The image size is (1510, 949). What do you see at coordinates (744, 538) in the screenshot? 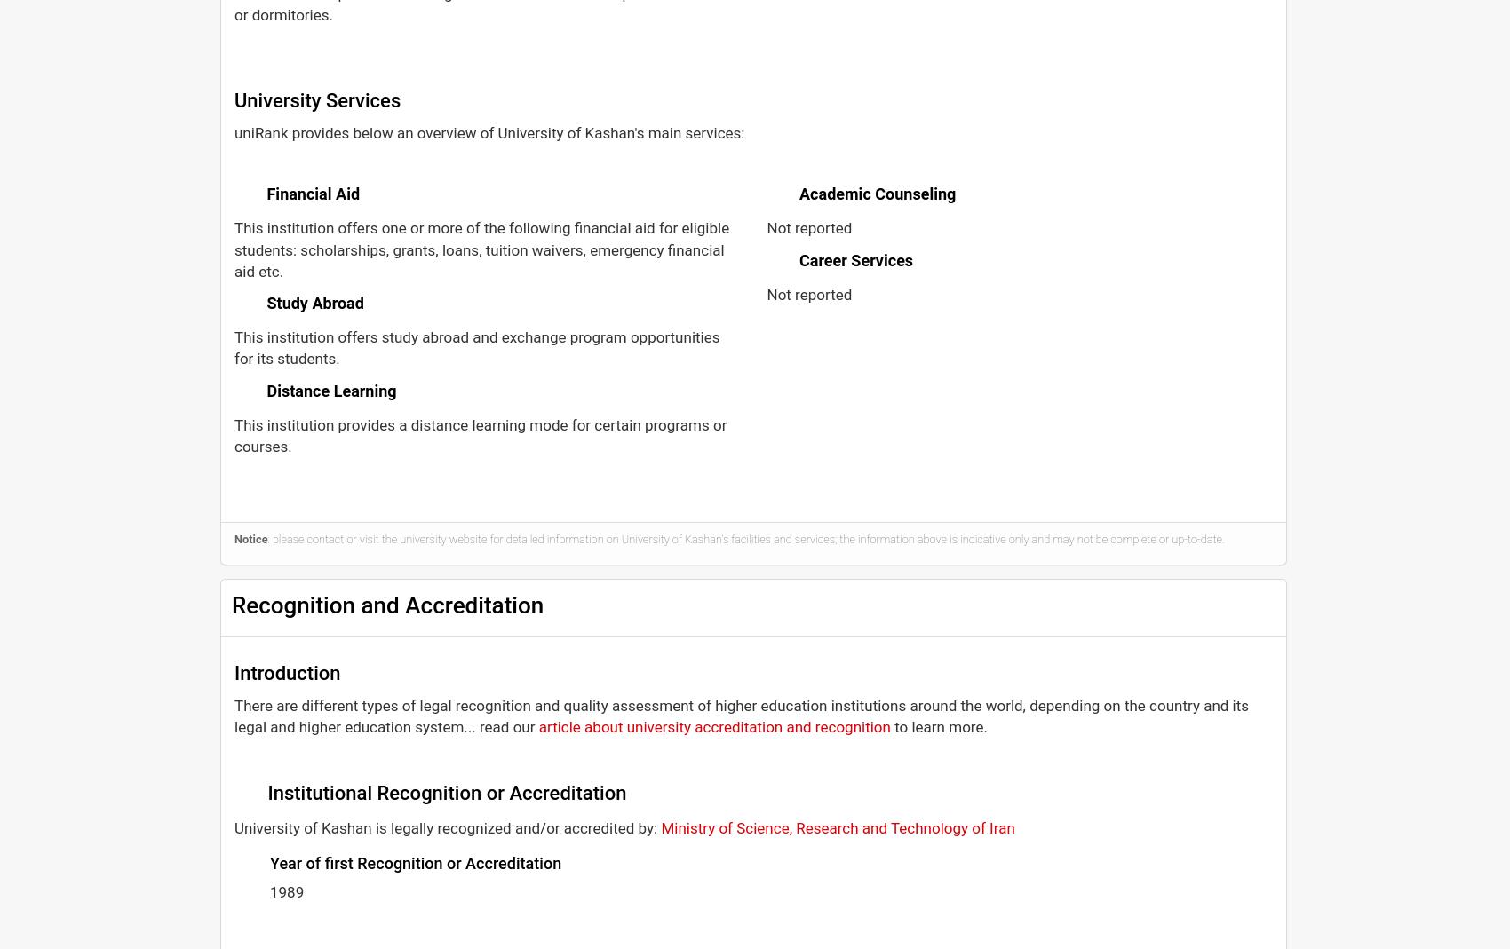
I see `': please contact or visit the university website for detailed information on University of Kashan's facilities and services; the information above is indicative only and may not be complete or up-to-date.'` at bounding box center [744, 538].